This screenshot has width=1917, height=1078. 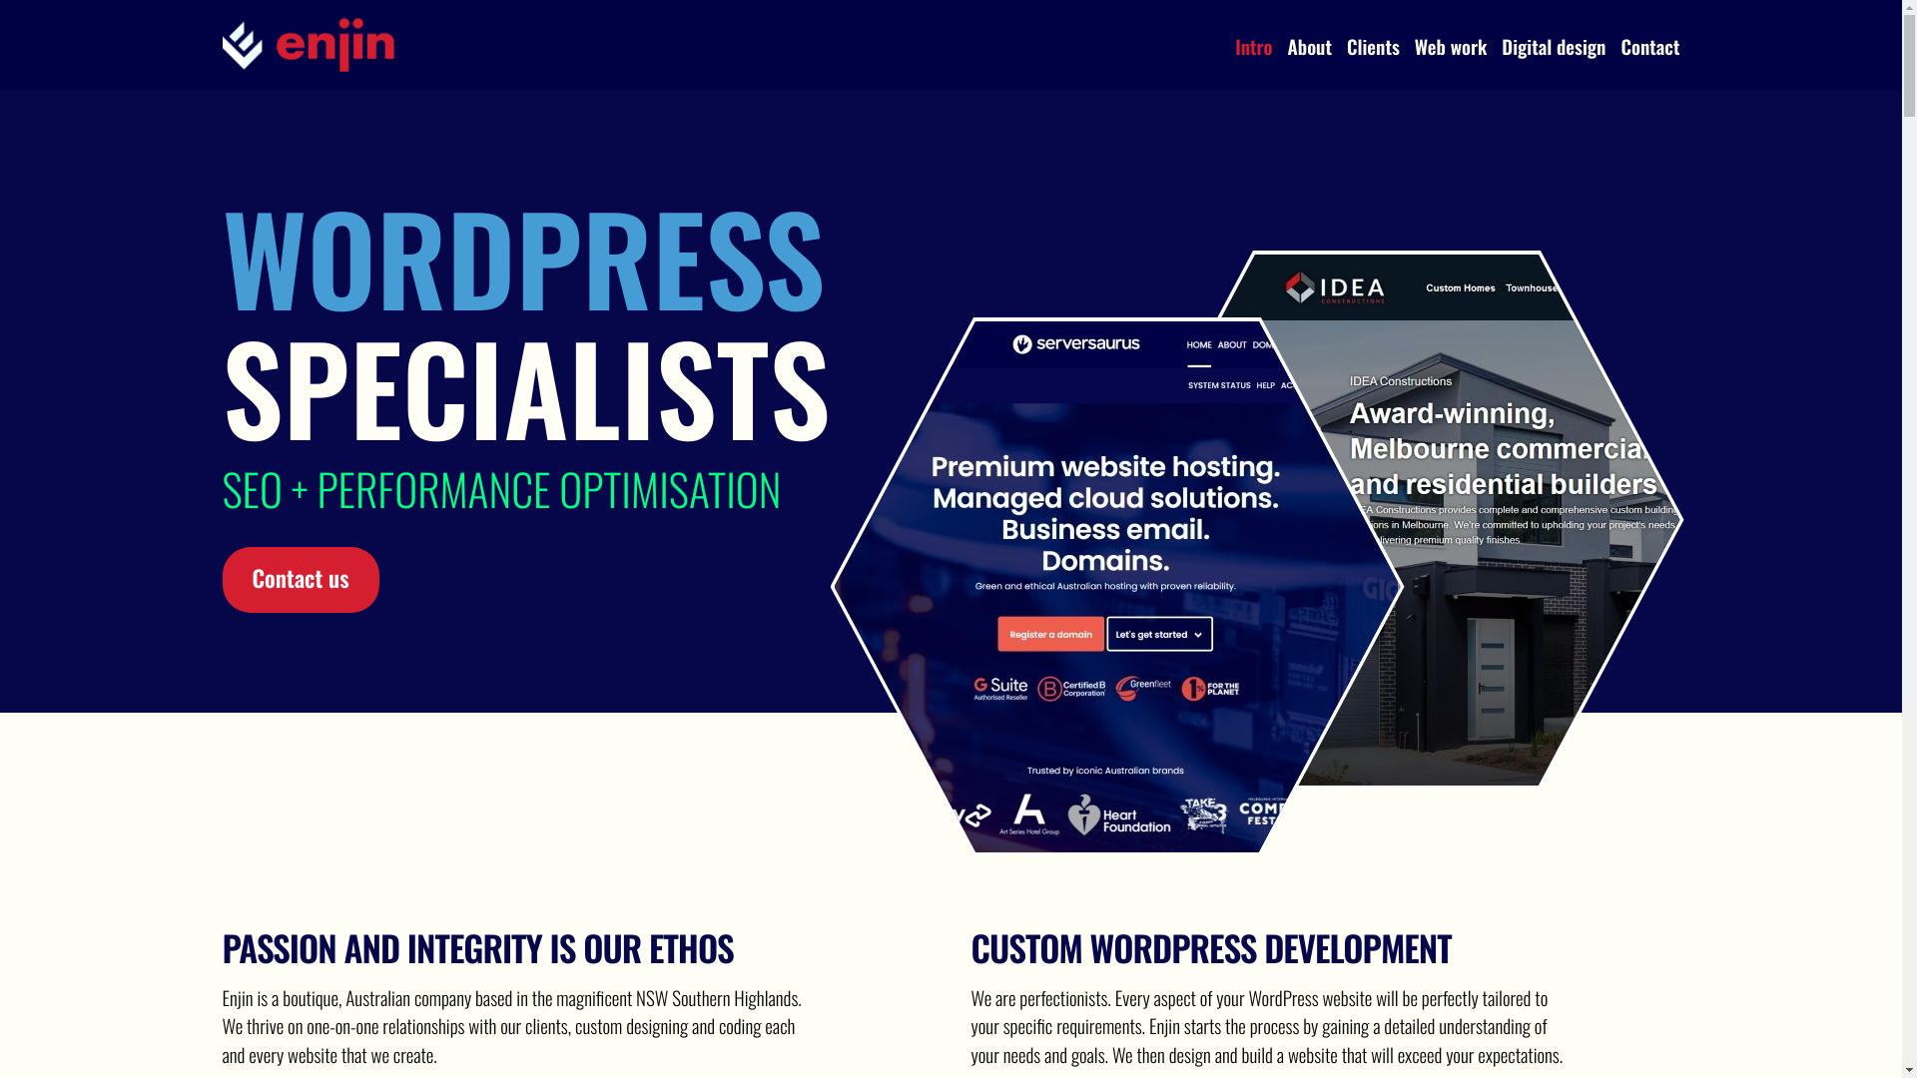 I want to click on 'Web work', so click(x=1413, y=46).